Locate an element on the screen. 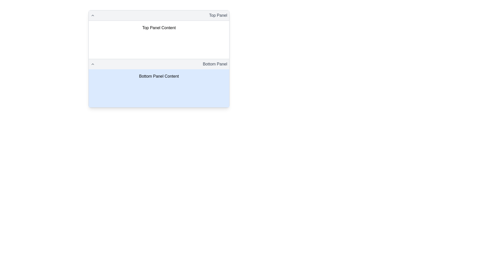 The image size is (488, 274). the upward-facing chevron button located in the 'Bottom Panel' is located at coordinates (93, 64).